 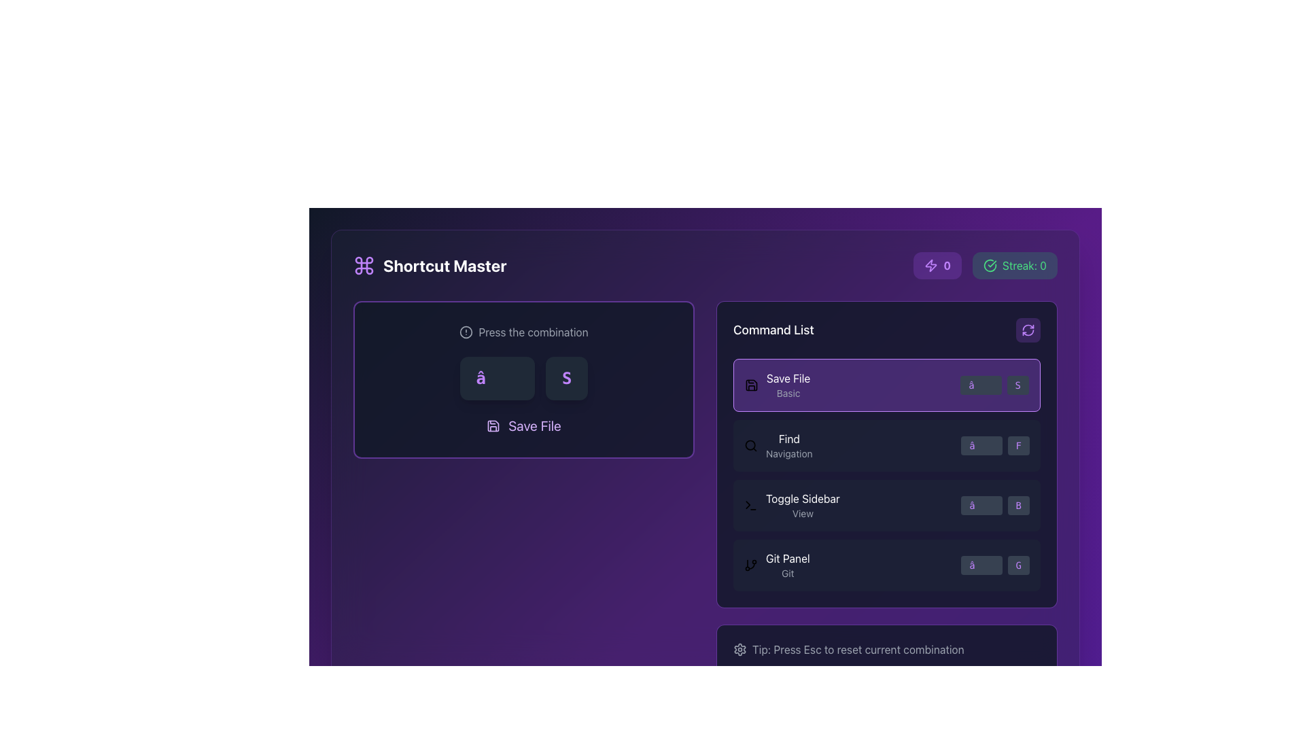 I want to click on informational text section that suggests pressing the 'Esc' key to reset the current combination, located at the bottom of the right column beneath the 'Command List', so click(x=887, y=649).